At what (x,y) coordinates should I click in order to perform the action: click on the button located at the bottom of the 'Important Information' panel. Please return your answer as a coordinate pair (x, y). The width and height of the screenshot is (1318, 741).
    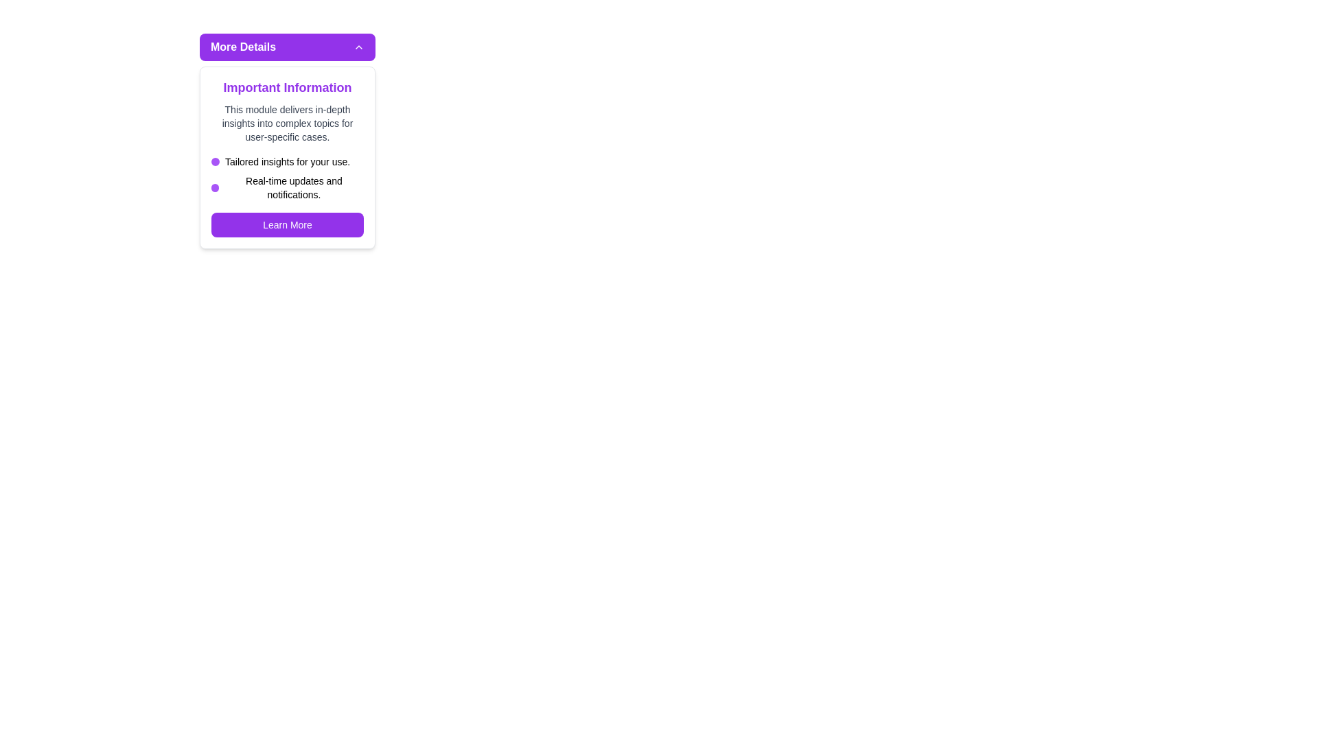
    Looking at the image, I should click on (286, 224).